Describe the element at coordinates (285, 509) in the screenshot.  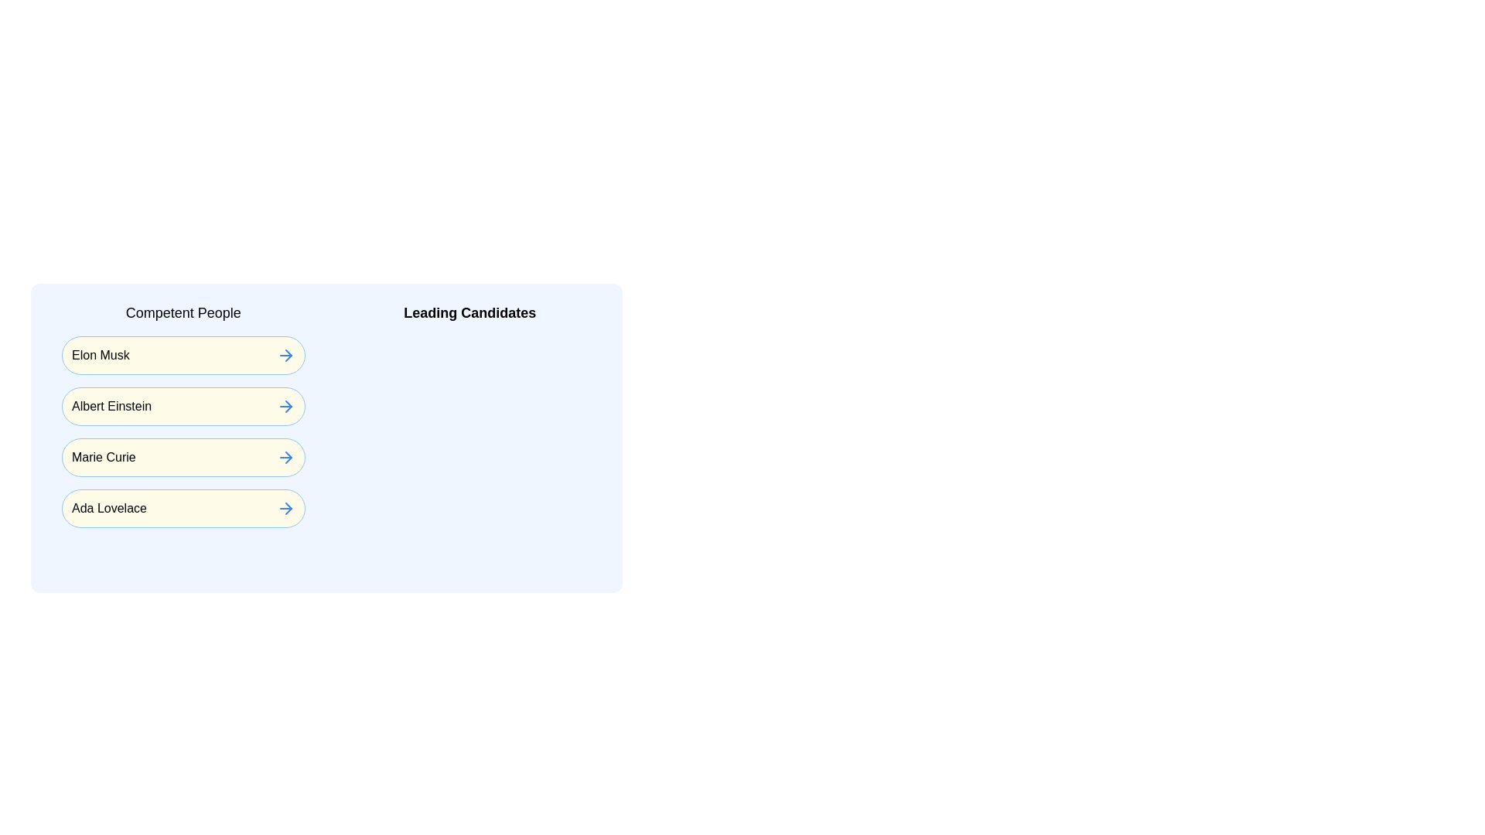
I see `arrow next to the name of Ada Lovelace in the 'Competent People' list to assign them to 'Leading Candidates'` at that location.